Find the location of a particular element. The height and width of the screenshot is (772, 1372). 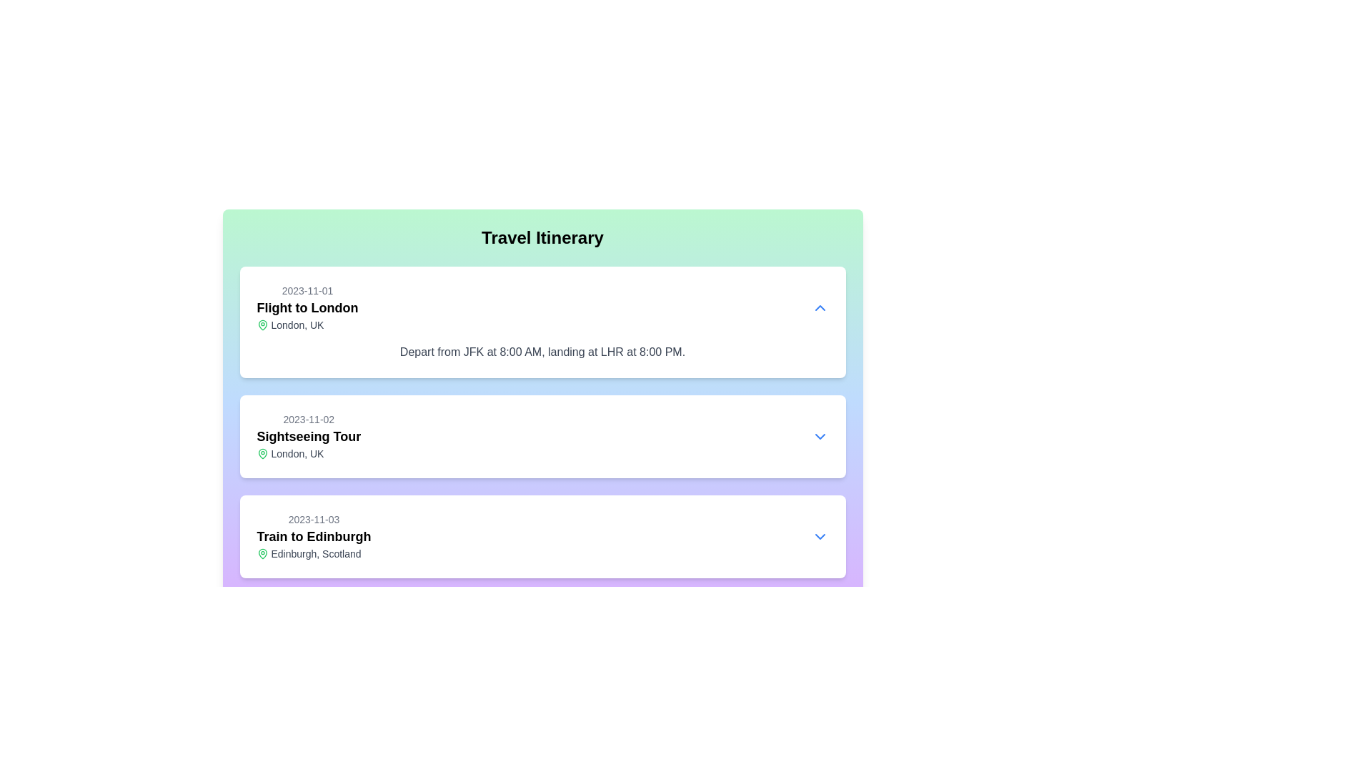

the map pin icon indicating the 'Sightseeing Tour' location next to the text 'London, UK' is located at coordinates (262, 454).